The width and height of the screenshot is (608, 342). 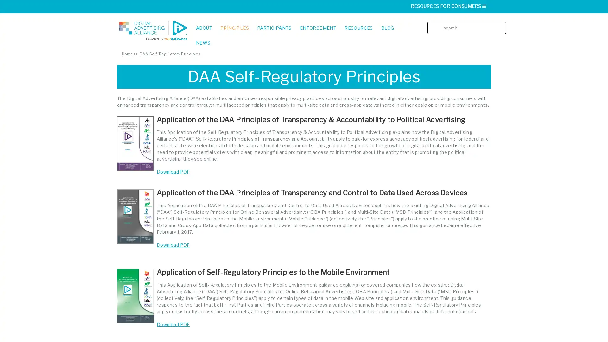 What do you see at coordinates (448, 6) in the screenshot?
I see `RESOURCES FOR CONSUMERS` at bounding box center [448, 6].